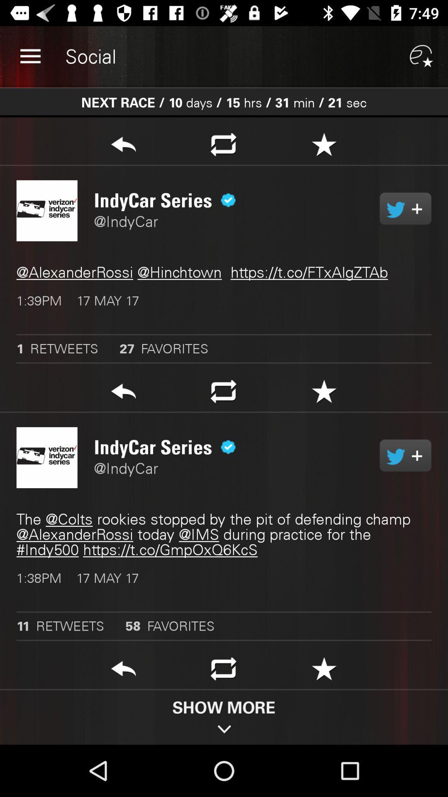 Image resolution: width=448 pixels, height=797 pixels. I want to click on the item next to social app, so click(30, 56).